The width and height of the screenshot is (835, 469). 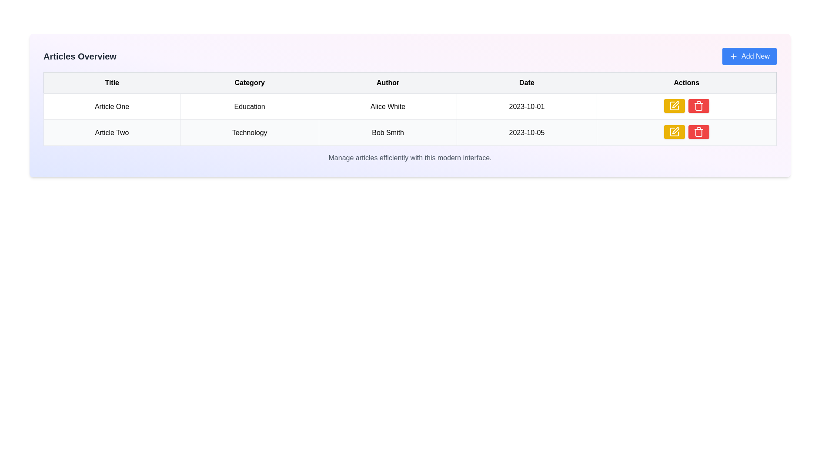 What do you see at coordinates (674, 105) in the screenshot?
I see `the yellow button with a pen-like icon in the second row of the 'Actions' column` at bounding box center [674, 105].